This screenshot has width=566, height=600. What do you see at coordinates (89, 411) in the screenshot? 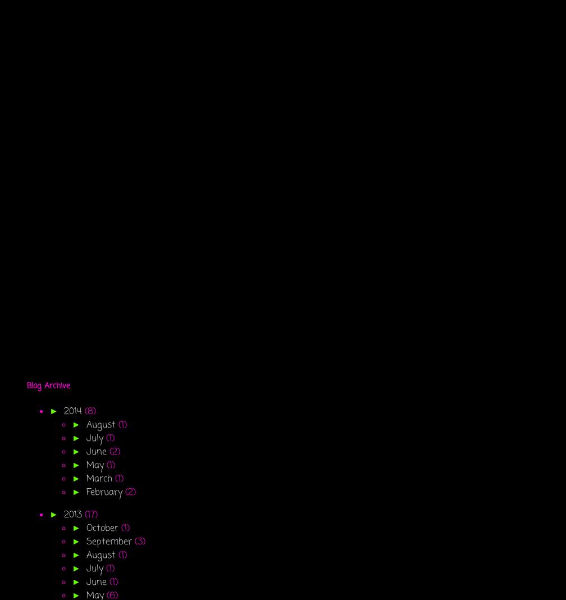
I see `'(8)'` at bounding box center [89, 411].